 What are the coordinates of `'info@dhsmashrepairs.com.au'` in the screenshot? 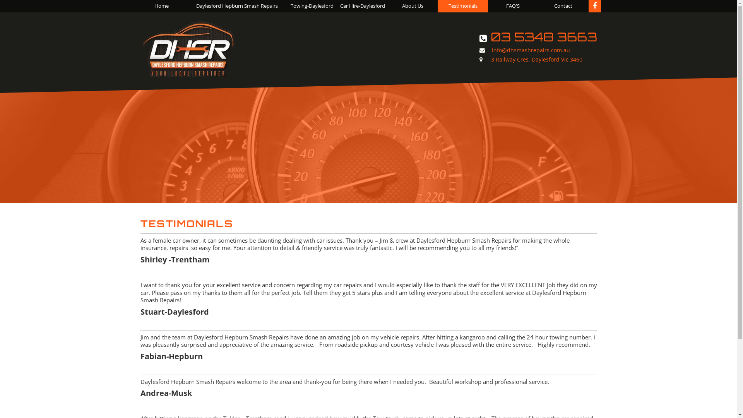 It's located at (524, 50).